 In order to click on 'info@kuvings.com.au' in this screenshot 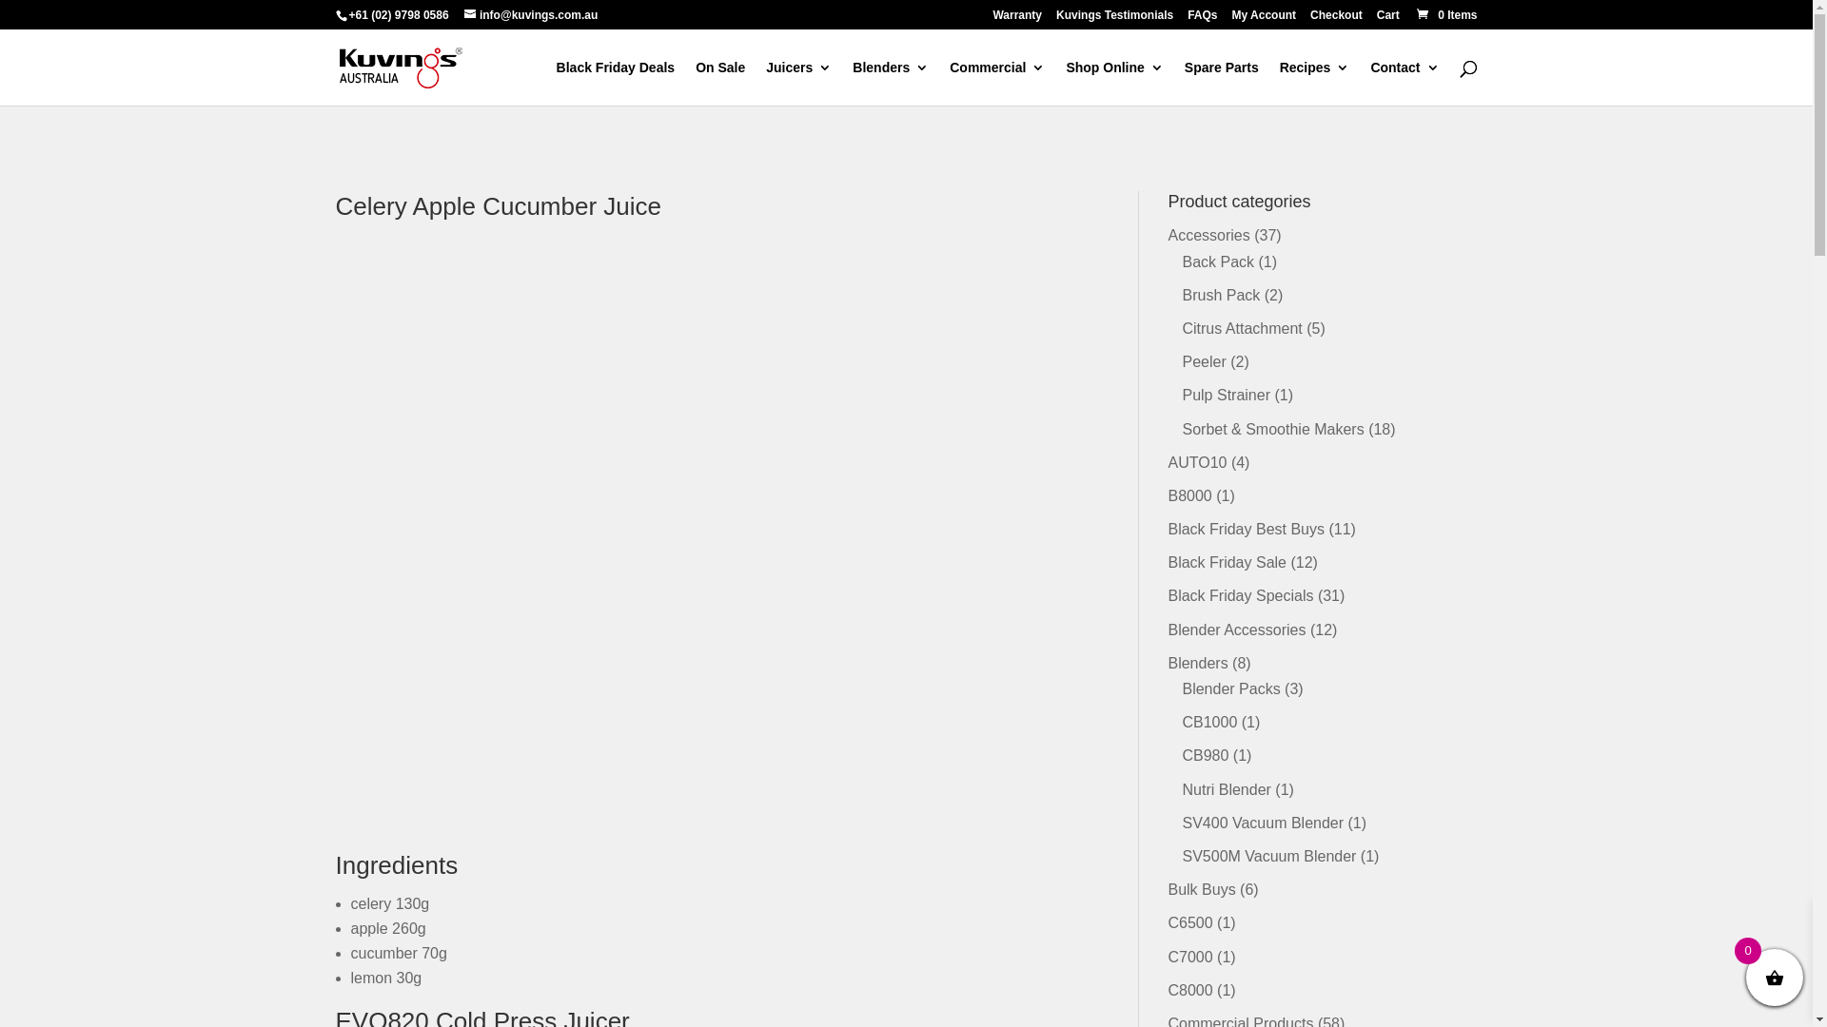, I will do `click(530, 14)`.